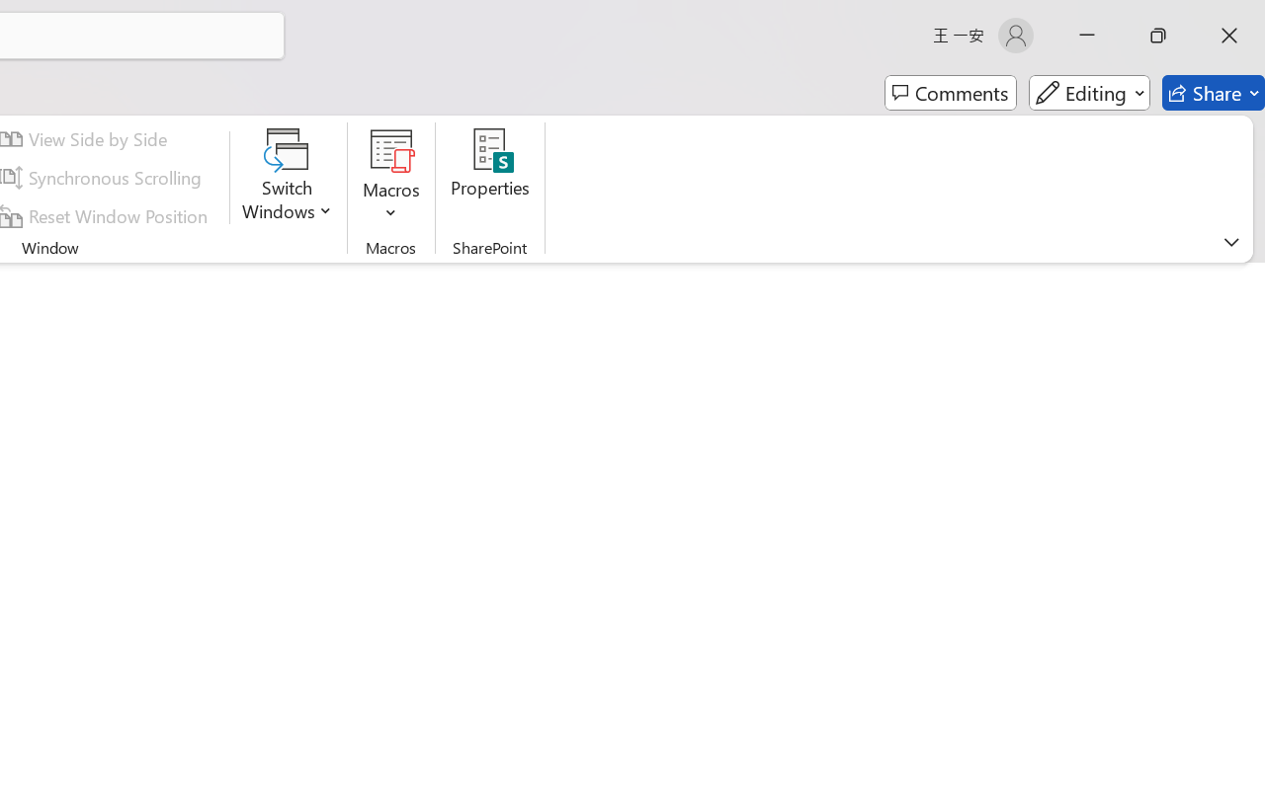  What do you see at coordinates (391, 149) in the screenshot?
I see `'View Macros'` at bounding box center [391, 149].